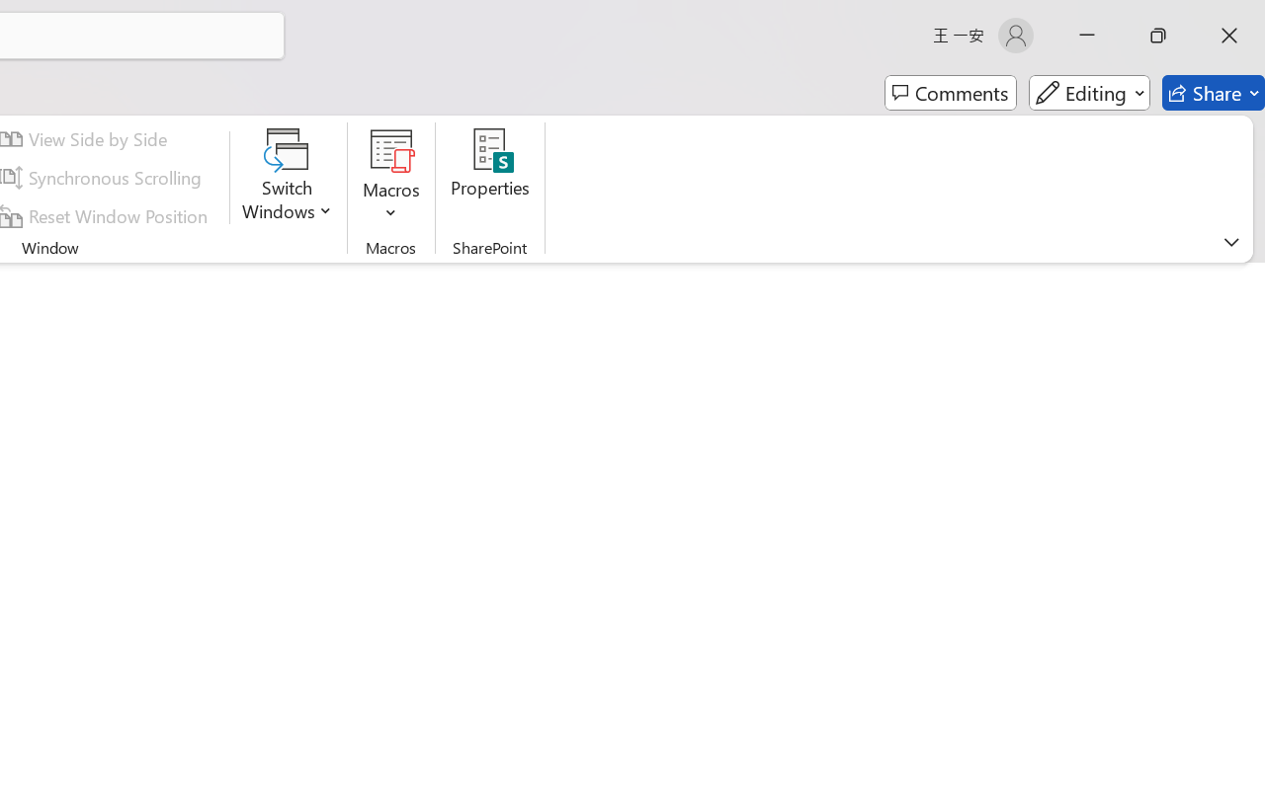  What do you see at coordinates (391, 149) in the screenshot?
I see `'View Macros'` at bounding box center [391, 149].